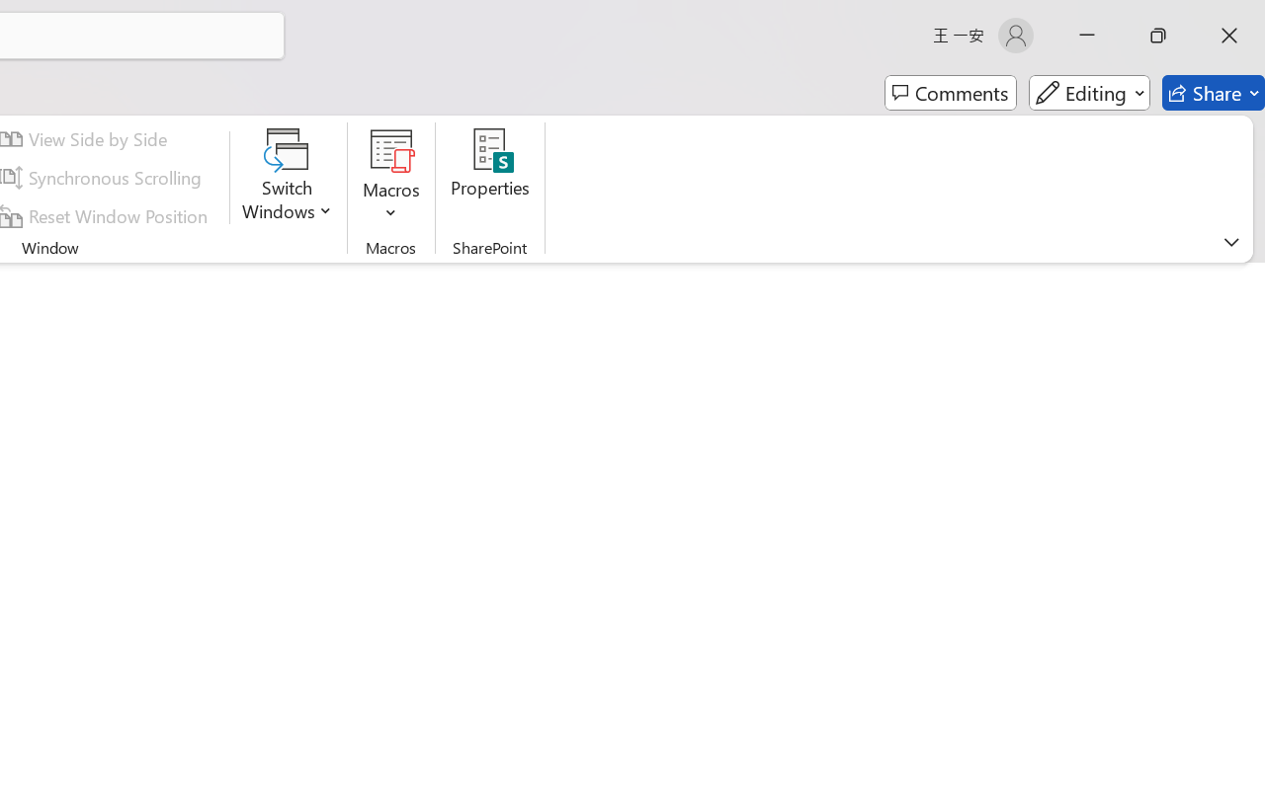  What do you see at coordinates (391, 149) in the screenshot?
I see `'View Macros'` at bounding box center [391, 149].